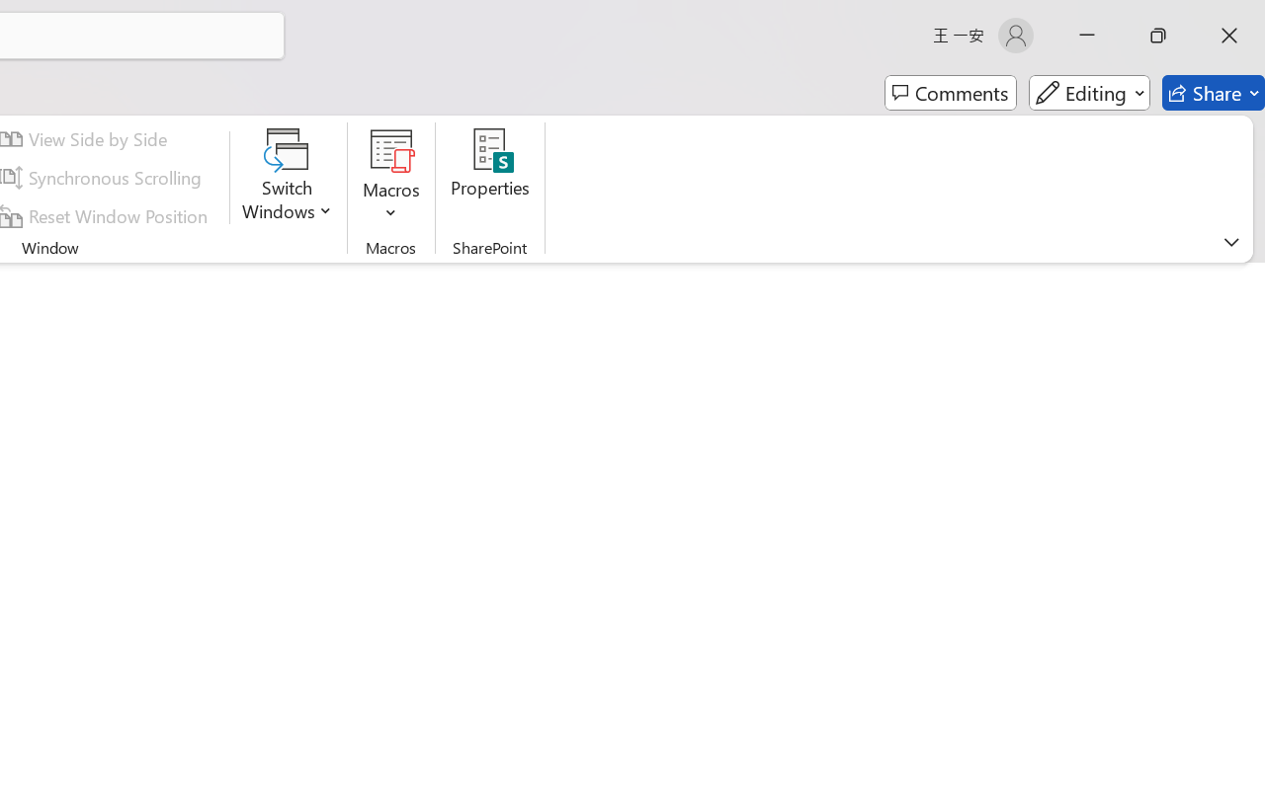  What do you see at coordinates (391, 149) in the screenshot?
I see `'View Macros'` at bounding box center [391, 149].